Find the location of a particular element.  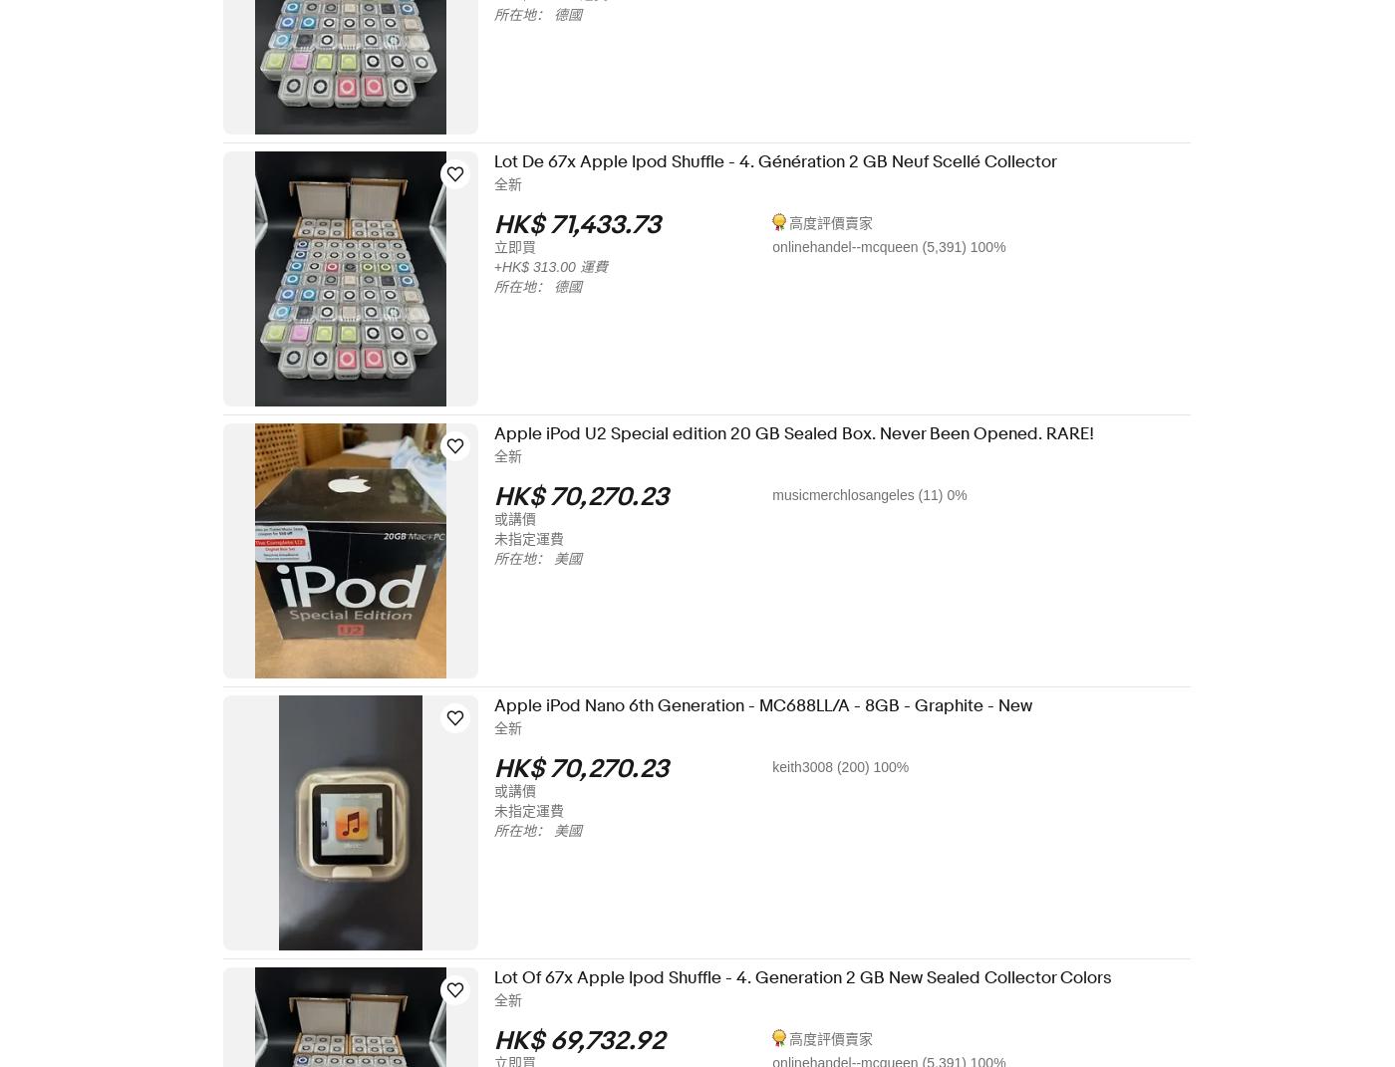

'Apple iPod Nano 6th Generation - MC688LL/A - 8GB - Graphite - New' is located at coordinates (506, 705).